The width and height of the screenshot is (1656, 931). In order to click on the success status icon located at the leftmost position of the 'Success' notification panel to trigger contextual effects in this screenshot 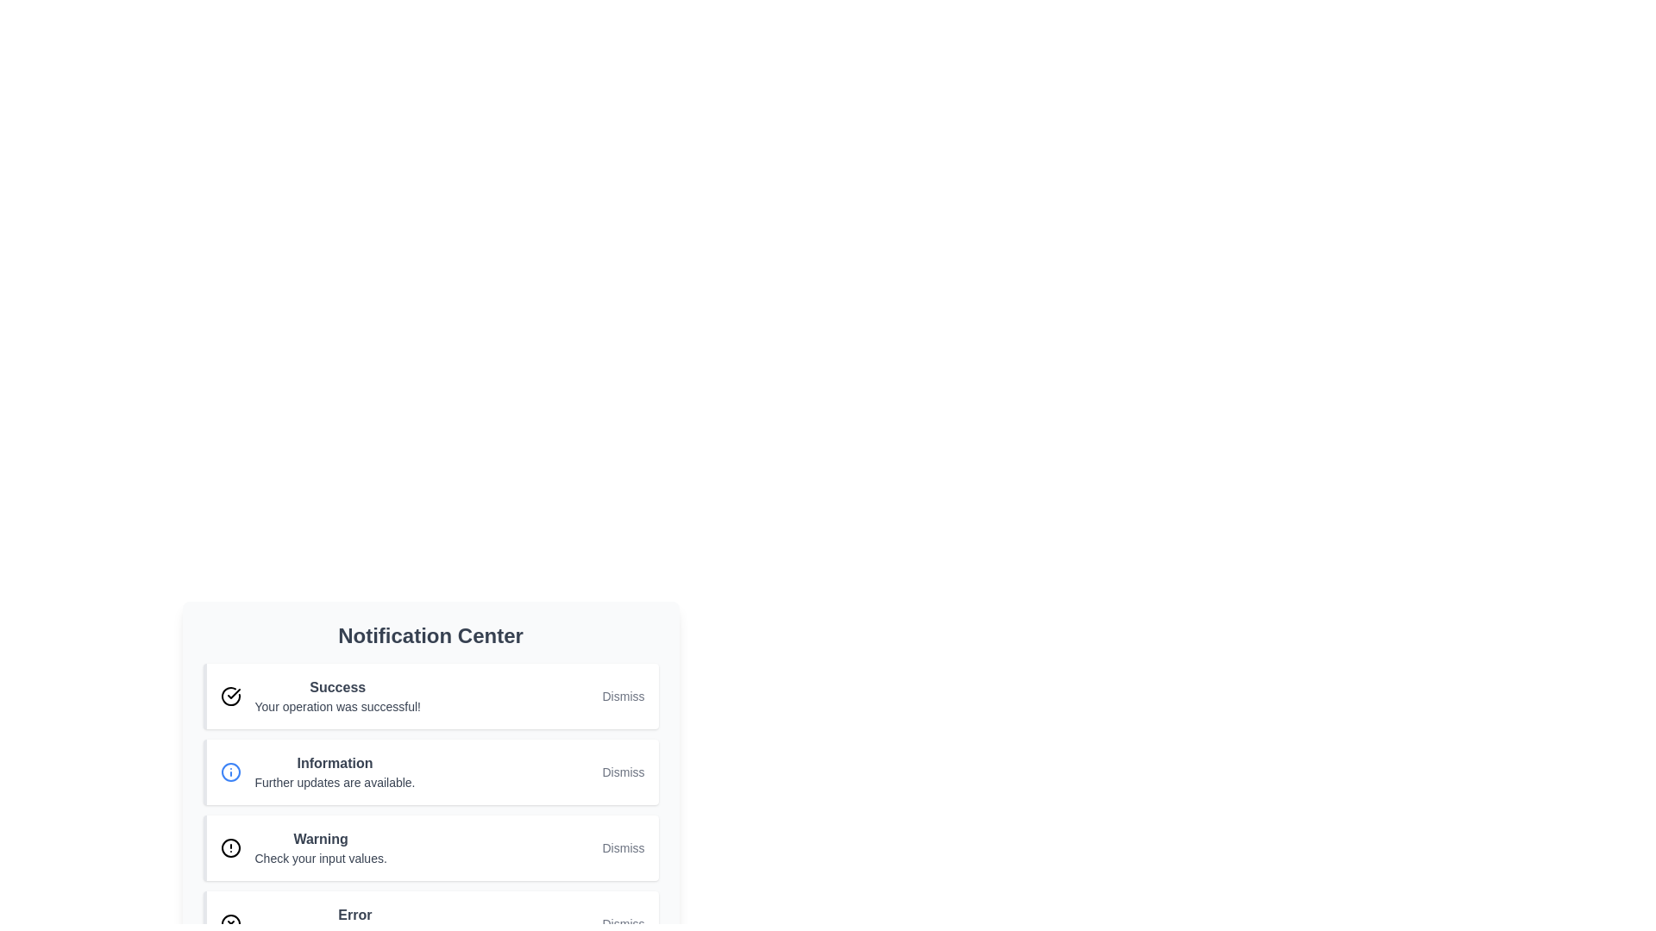, I will do `click(229, 695)`.